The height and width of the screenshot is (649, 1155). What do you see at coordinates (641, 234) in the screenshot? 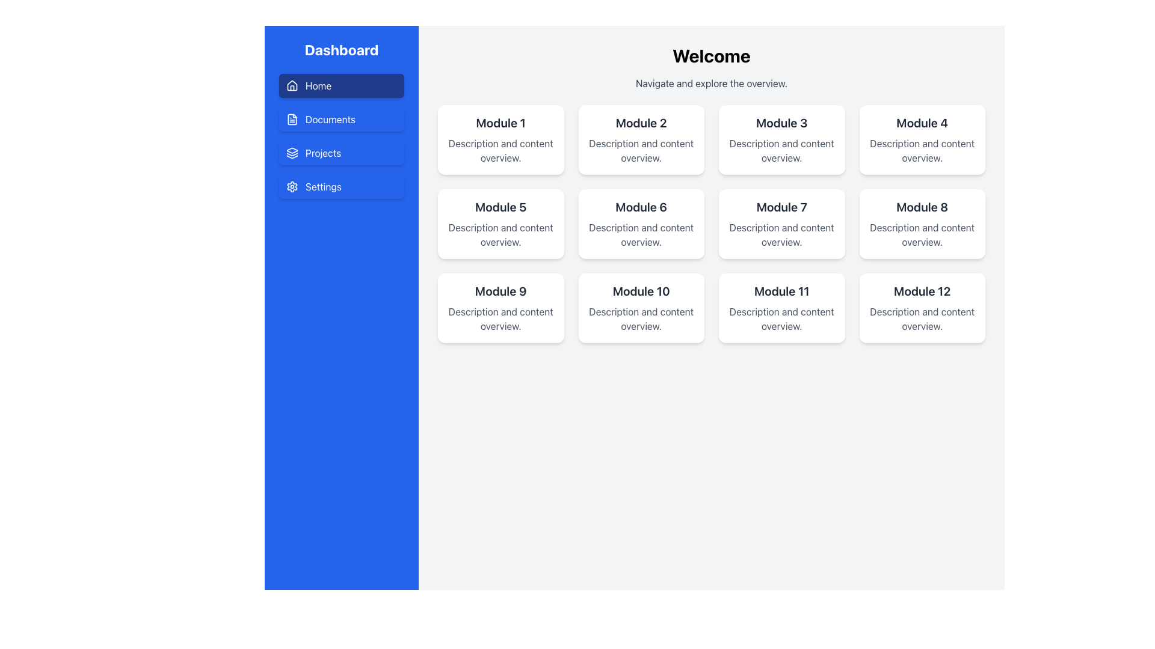
I see `style of the text block displaying 'Description and content overview.' which is styled in gray color and aligned beneath the title 'Module 6'` at bounding box center [641, 234].